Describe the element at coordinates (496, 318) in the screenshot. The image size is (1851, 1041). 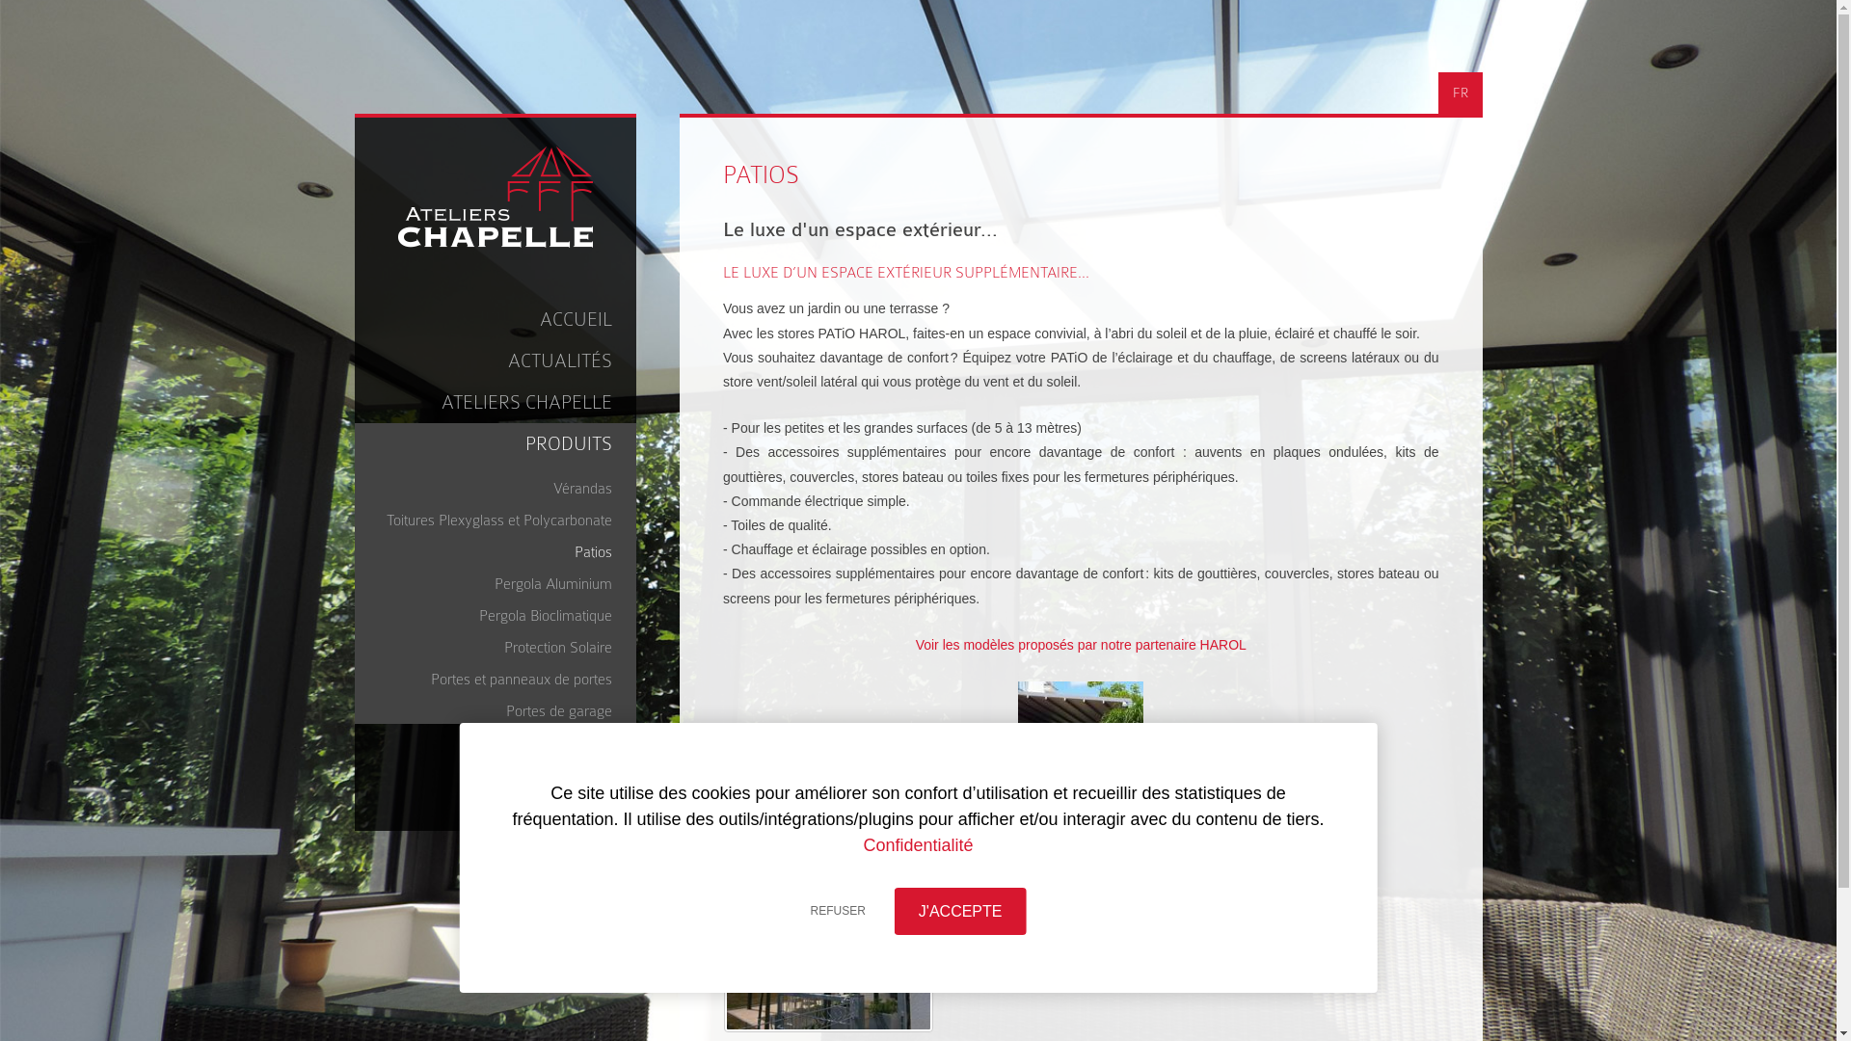
I see `'ACCUEIL'` at that location.